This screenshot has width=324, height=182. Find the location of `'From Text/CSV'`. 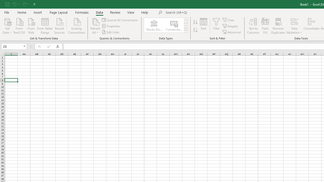

'From Text/CSV' is located at coordinates (19, 26).